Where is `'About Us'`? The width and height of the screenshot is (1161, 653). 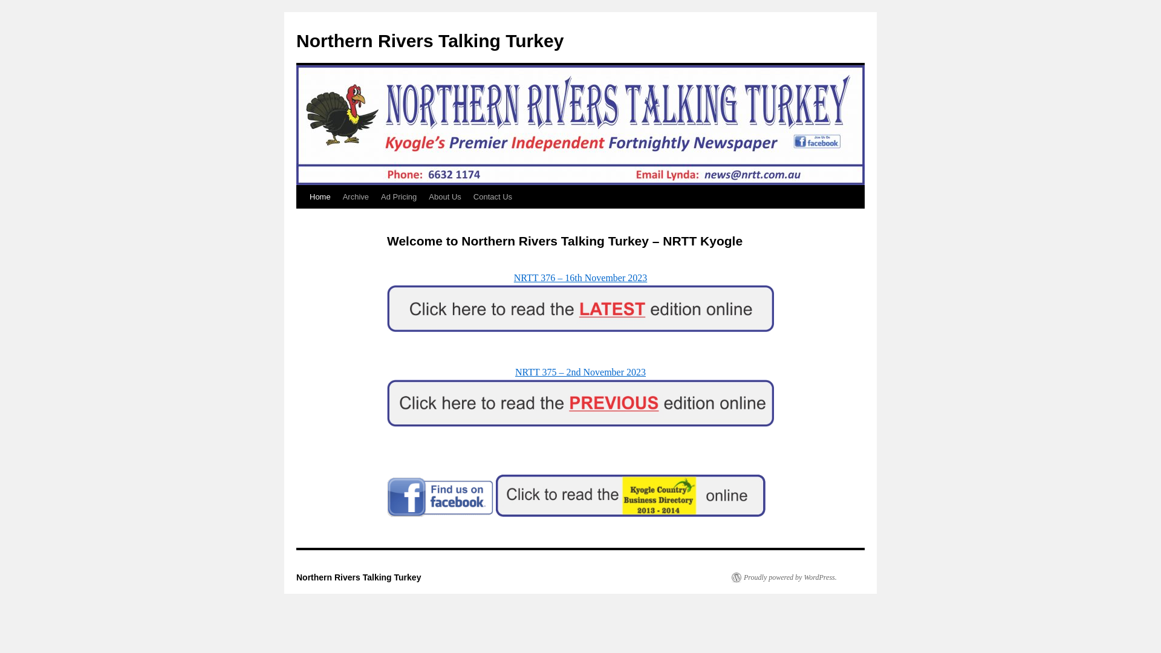
'About Us' is located at coordinates (444, 197).